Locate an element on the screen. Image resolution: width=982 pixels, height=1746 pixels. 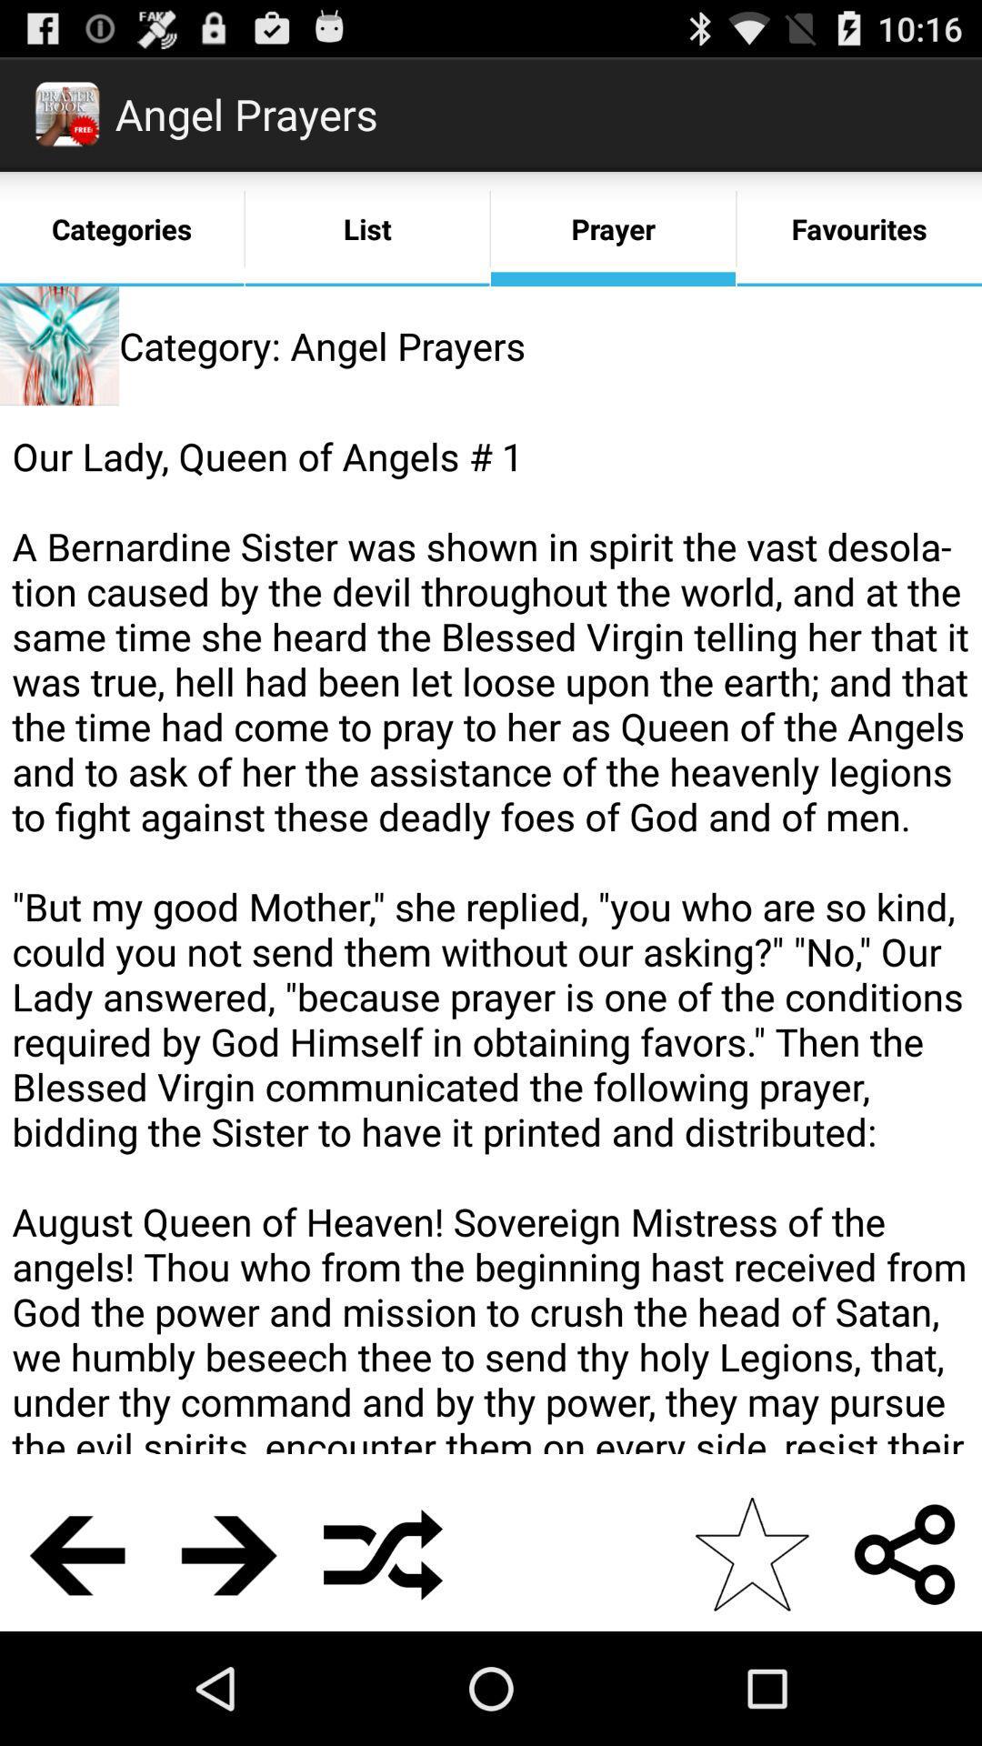
the previous content page is located at coordinates (75, 1553).